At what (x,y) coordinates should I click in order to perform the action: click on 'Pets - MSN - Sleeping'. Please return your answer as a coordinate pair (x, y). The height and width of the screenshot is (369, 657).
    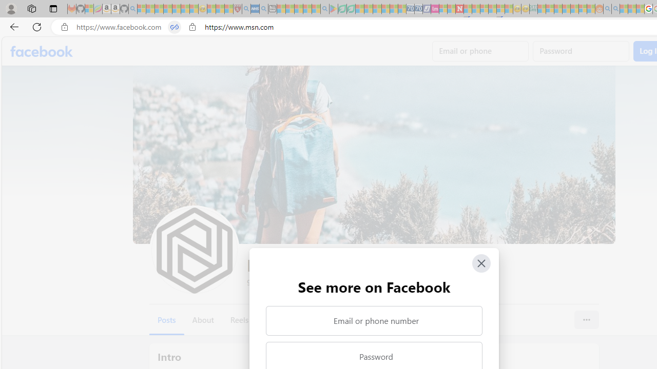
    Looking at the image, I should click on (307, 9).